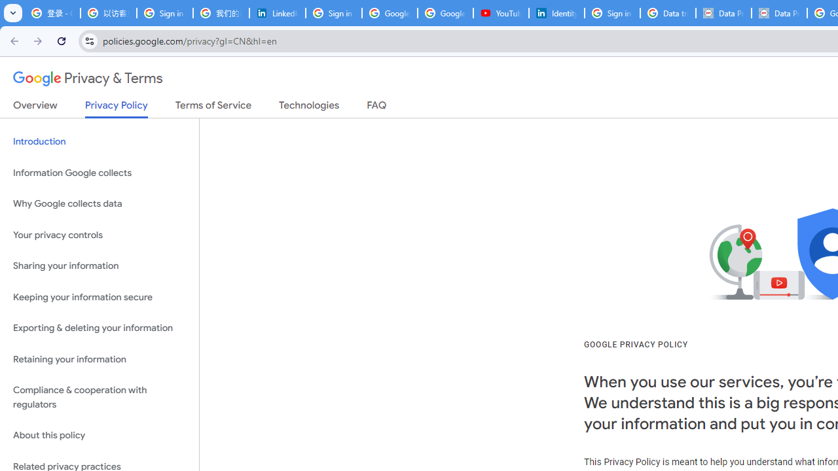 The image size is (838, 471). What do you see at coordinates (99, 234) in the screenshot?
I see `'Your privacy controls'` at bounding box center [99, 234].